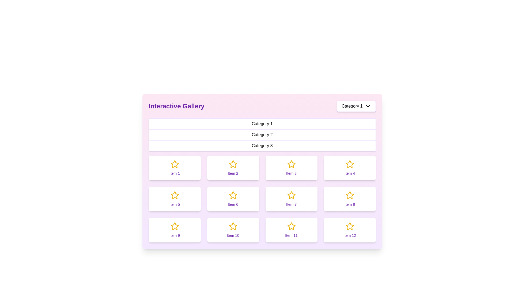  Describe the element at coordinates (291, 168) in the screenshot. I see `third card or grid item in the first row of the grid, positioned between 'Item 2' and 'Item 4', for details` at that location.